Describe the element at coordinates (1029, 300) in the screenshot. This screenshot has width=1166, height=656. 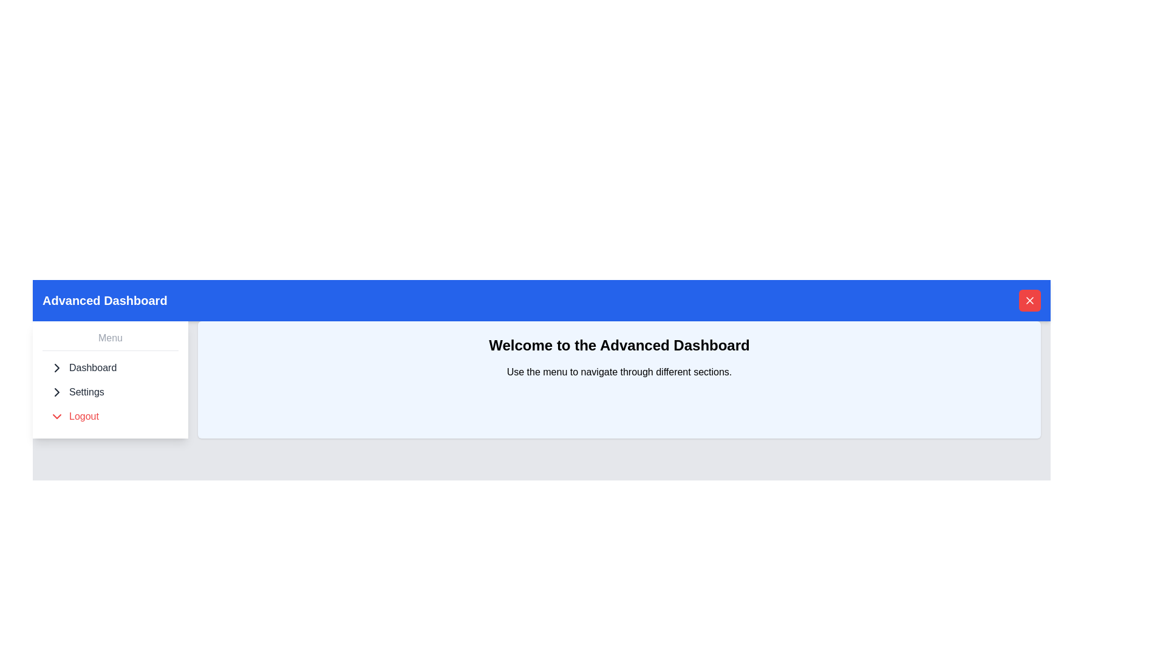
I see `close icon element, which is represented by a diagonal line within a small red square located at the top-right corner of the blue header bar` at that location.